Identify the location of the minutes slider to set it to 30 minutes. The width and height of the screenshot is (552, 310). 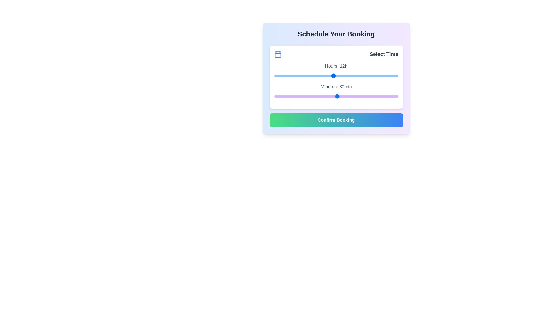
(337, 96).